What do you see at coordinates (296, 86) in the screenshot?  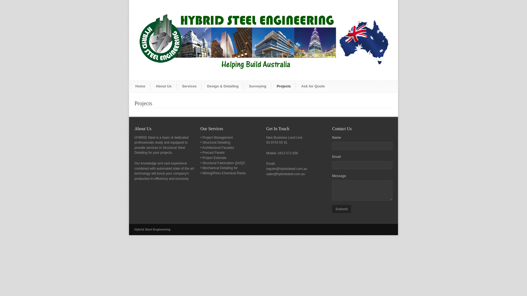 I see `'Ask for Quote'` at bounding box center [296, 86].